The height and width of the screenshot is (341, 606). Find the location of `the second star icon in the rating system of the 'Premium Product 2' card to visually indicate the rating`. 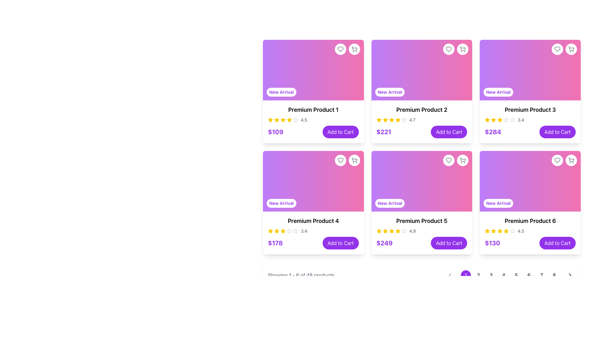

the second star icon in the rating system of the 'Premium Product 2' card to visually indicate the rating is located at coordinates (397, 120).